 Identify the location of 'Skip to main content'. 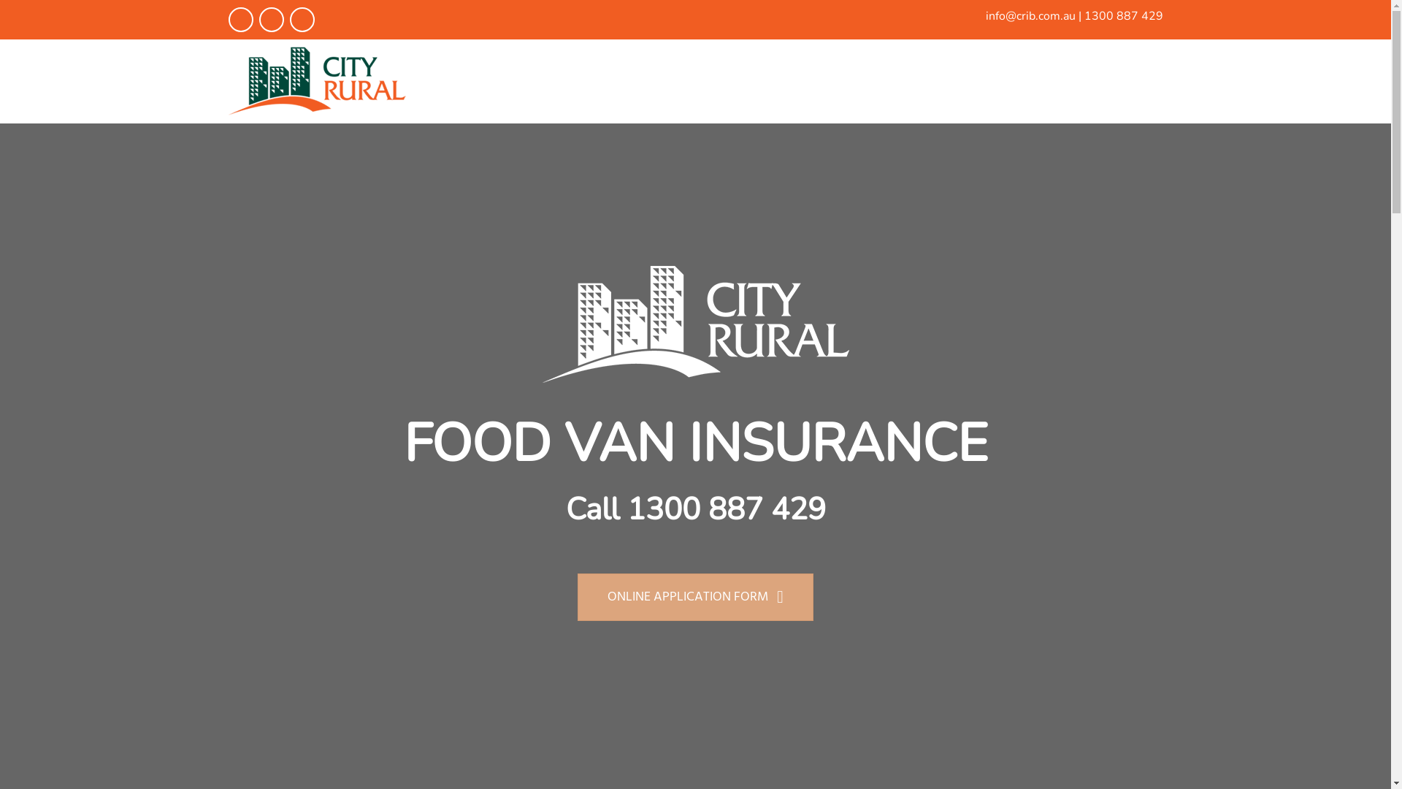
(0, 0).